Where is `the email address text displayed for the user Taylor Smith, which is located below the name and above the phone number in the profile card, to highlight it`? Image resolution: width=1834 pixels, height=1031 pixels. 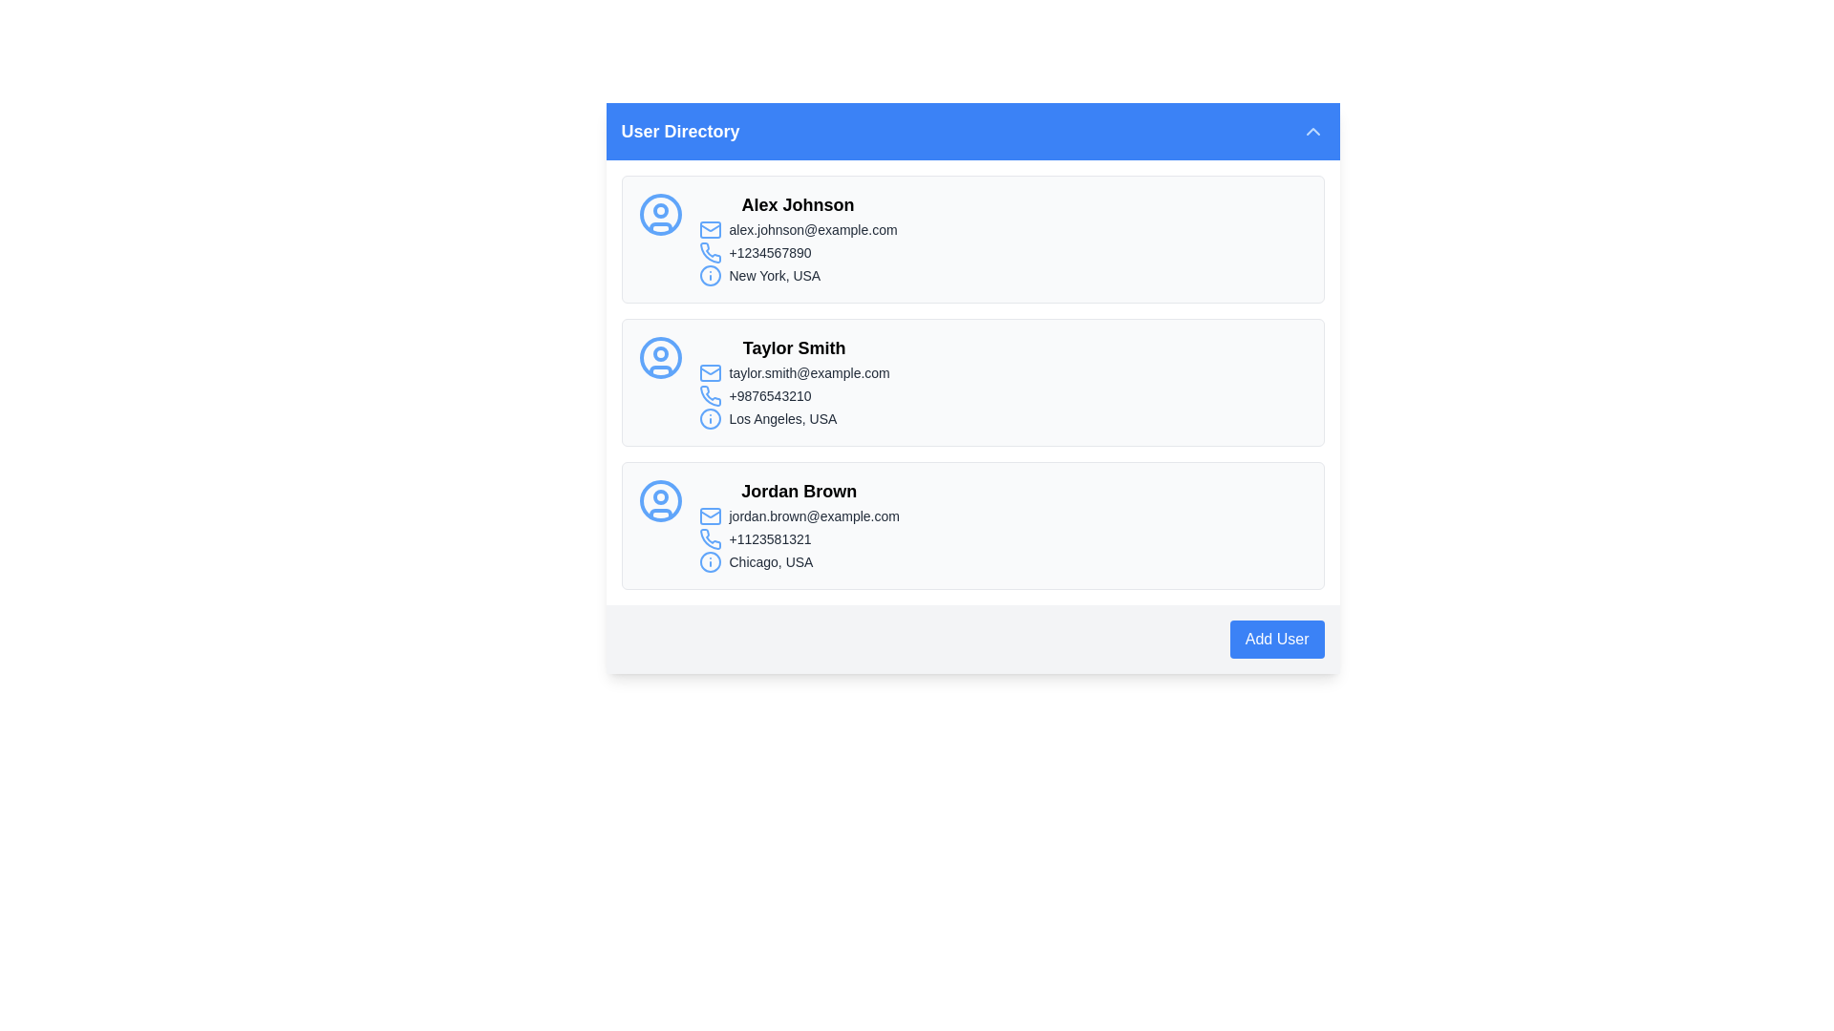 the email address text displayed for the user Taylor Smith, which is located below the name and above the phone number in the profile card, to highlight it is located at coordinates (794, 372).